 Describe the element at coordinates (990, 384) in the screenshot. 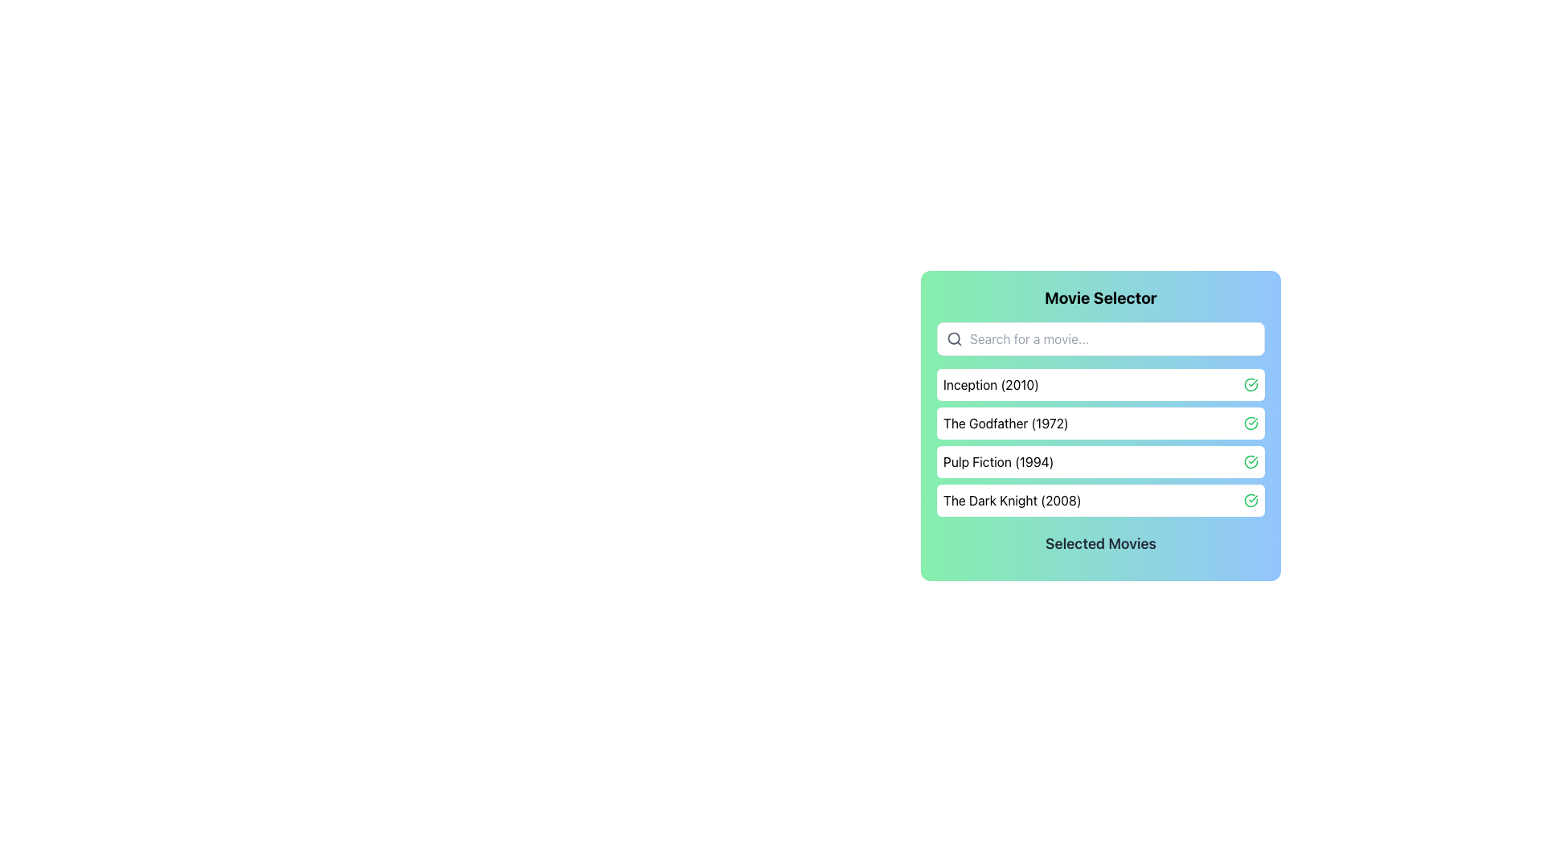

I see `the text label displaying the title 'Inception (2010)' in the selectable movie list within the 'Movie Selector' dialog` at that location.